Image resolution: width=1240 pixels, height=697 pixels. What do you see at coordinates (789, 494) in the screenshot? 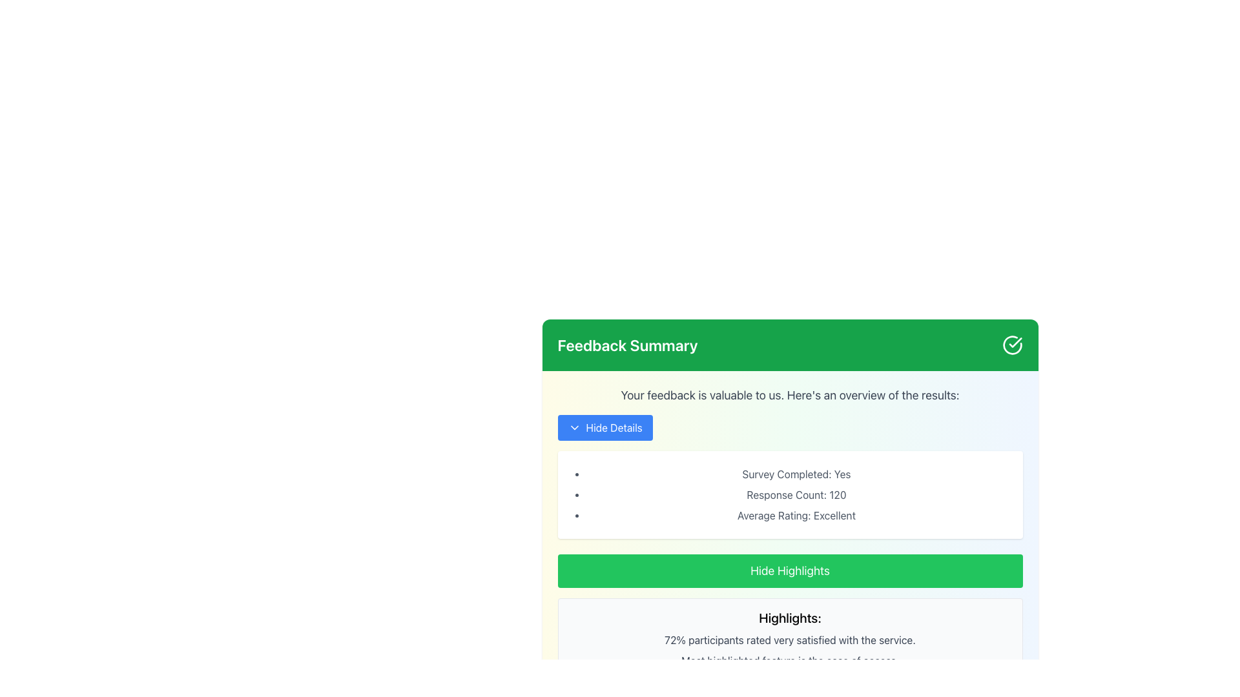
I see `the Informational list which displays summarized survey results, completion status, response count, and average rating, located between the 'Hide Details' and 'Hide Highlights' buttons` at bounding box center [789, 494].